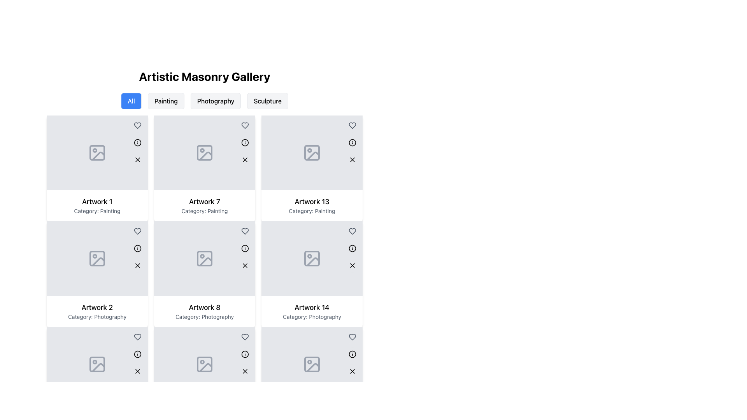  I want to click on the 'Photography' tab-like button to filter items in the Artistic Masonry Gallery, which is the third tab in the row of category tabs, so click(216, 100).